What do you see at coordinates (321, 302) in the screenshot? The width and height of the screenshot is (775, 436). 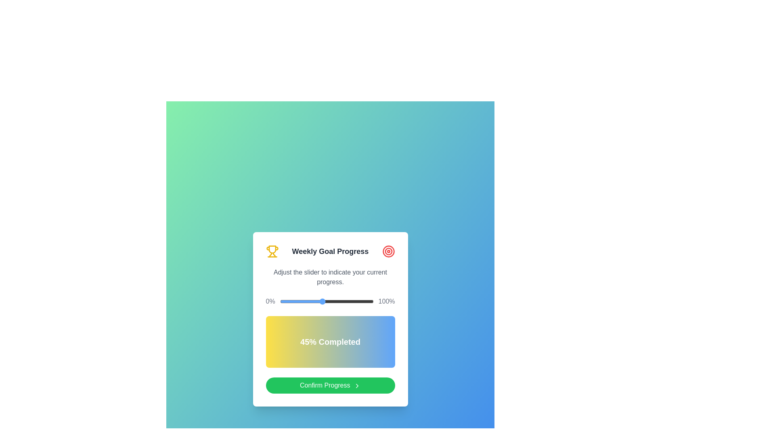 I see `the progress value to 45% by dragging the slider` at bounding box center [321, 302].